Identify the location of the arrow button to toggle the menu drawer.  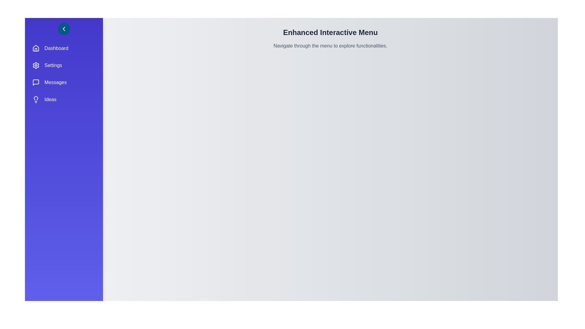
(64, 29).